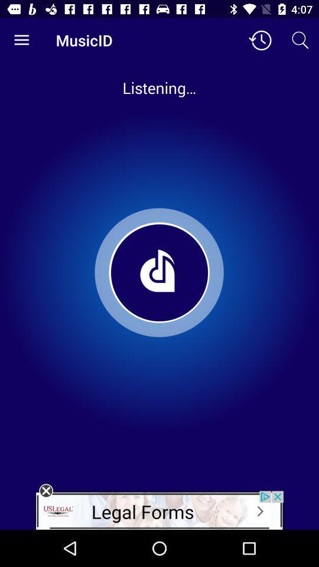 This screenshot has height=567, width=319. Describe the element at coordinates (45, 491) in the screenshot. I see `remove botton` at that location.